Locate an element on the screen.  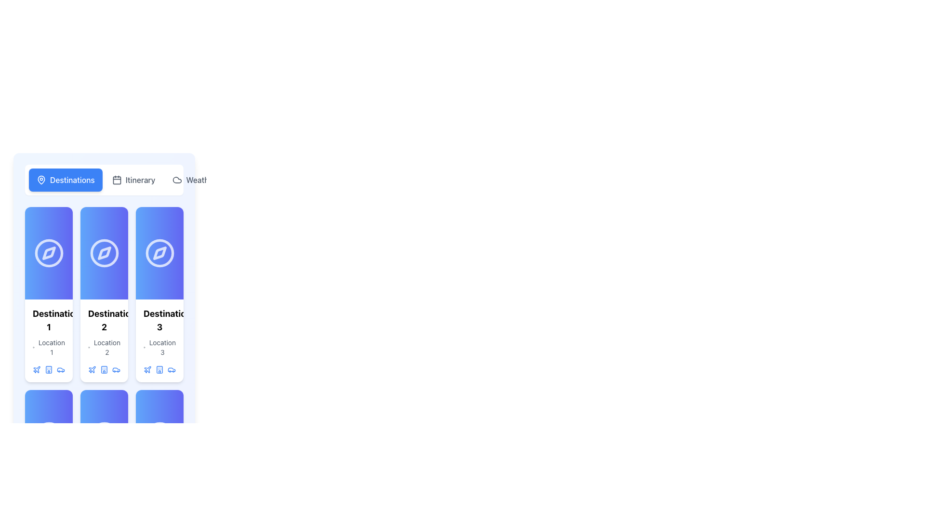
the 'Location 1' text label with icon, which is styled in gray and located under the 'Destination 1' label in the first card of the 'Destinations' tab is located at coordinates (48, 347).